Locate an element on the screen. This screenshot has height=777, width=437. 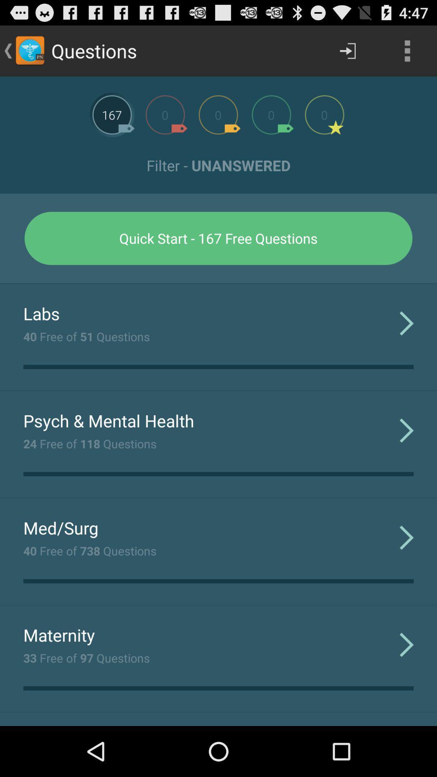
labs icon is located at coordinates (41, 313).